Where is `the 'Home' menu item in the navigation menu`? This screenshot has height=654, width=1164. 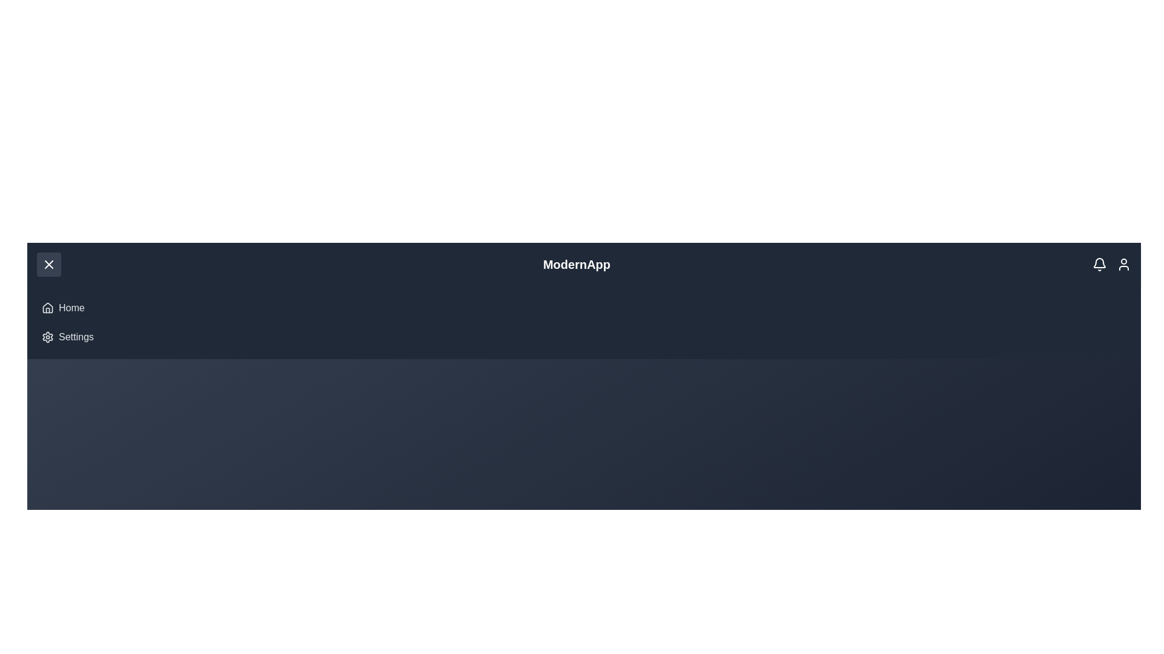 the 'Home' menu item in the navigation menu is located at coordinates (71, 308).